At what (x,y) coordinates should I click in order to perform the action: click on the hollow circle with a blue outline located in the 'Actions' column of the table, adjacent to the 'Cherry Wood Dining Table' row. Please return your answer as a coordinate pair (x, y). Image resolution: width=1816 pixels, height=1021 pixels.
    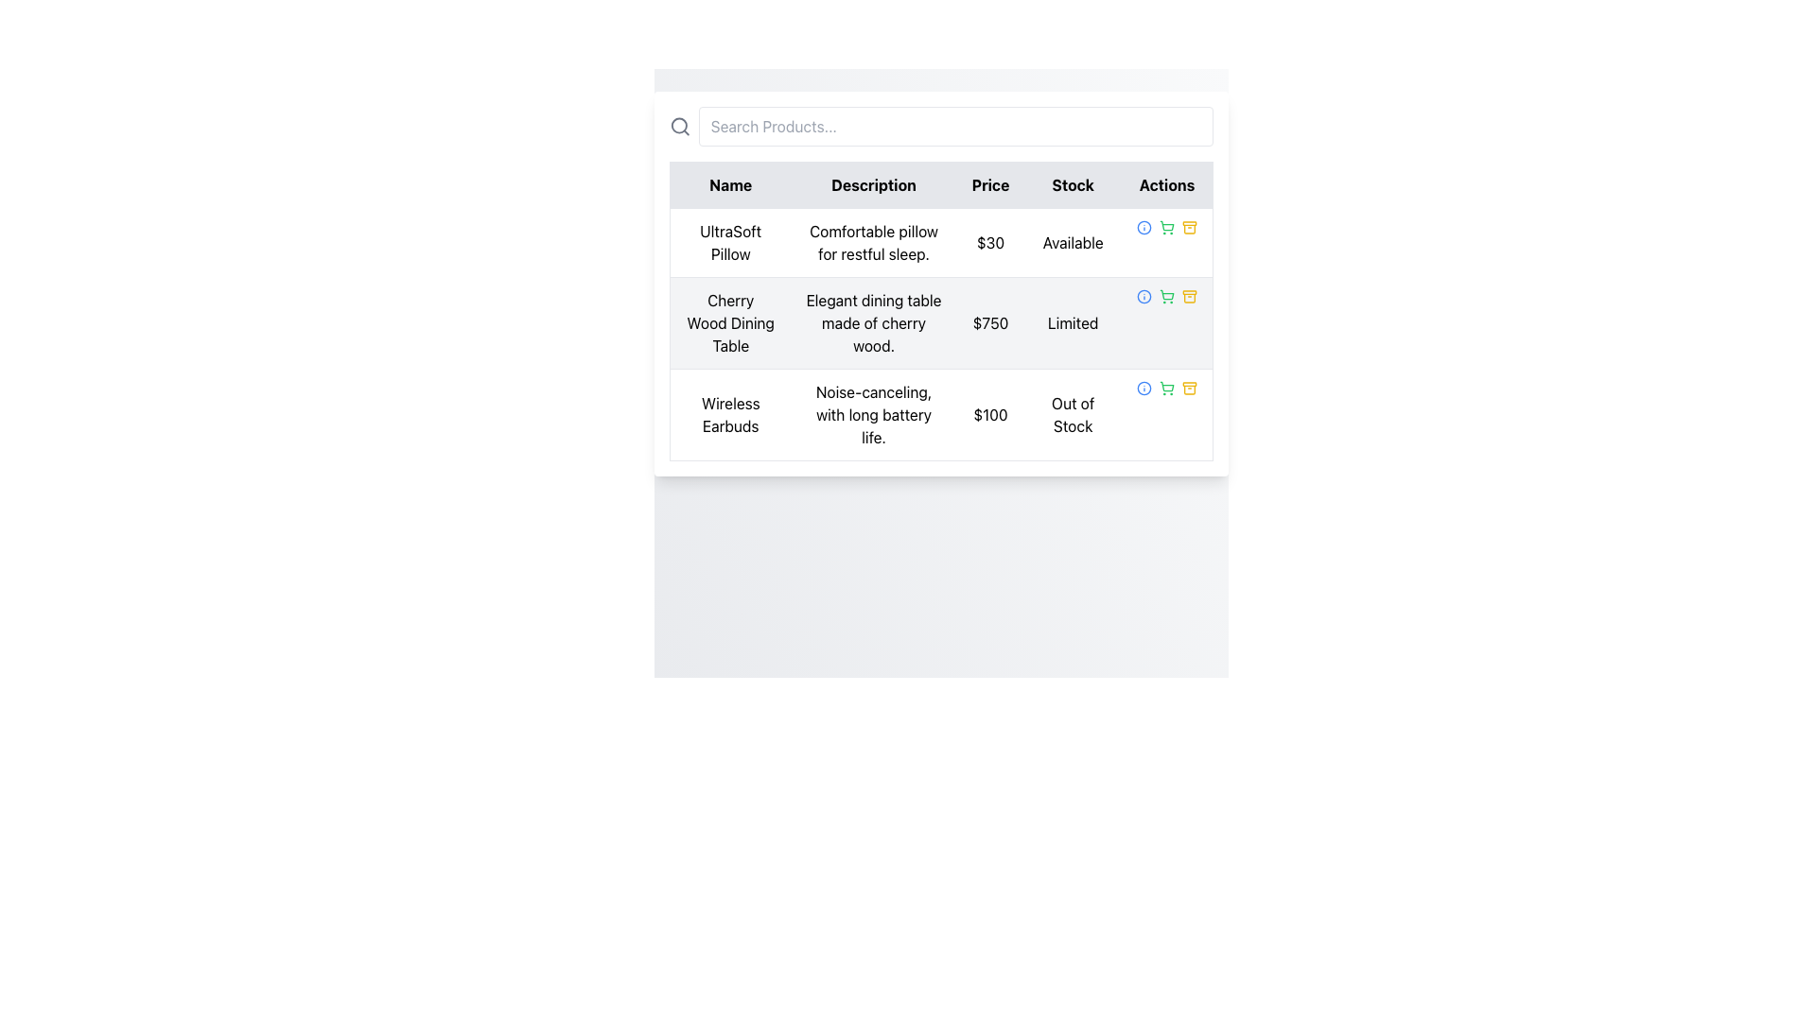
    Looking at the image, I should click on (1143, 226).